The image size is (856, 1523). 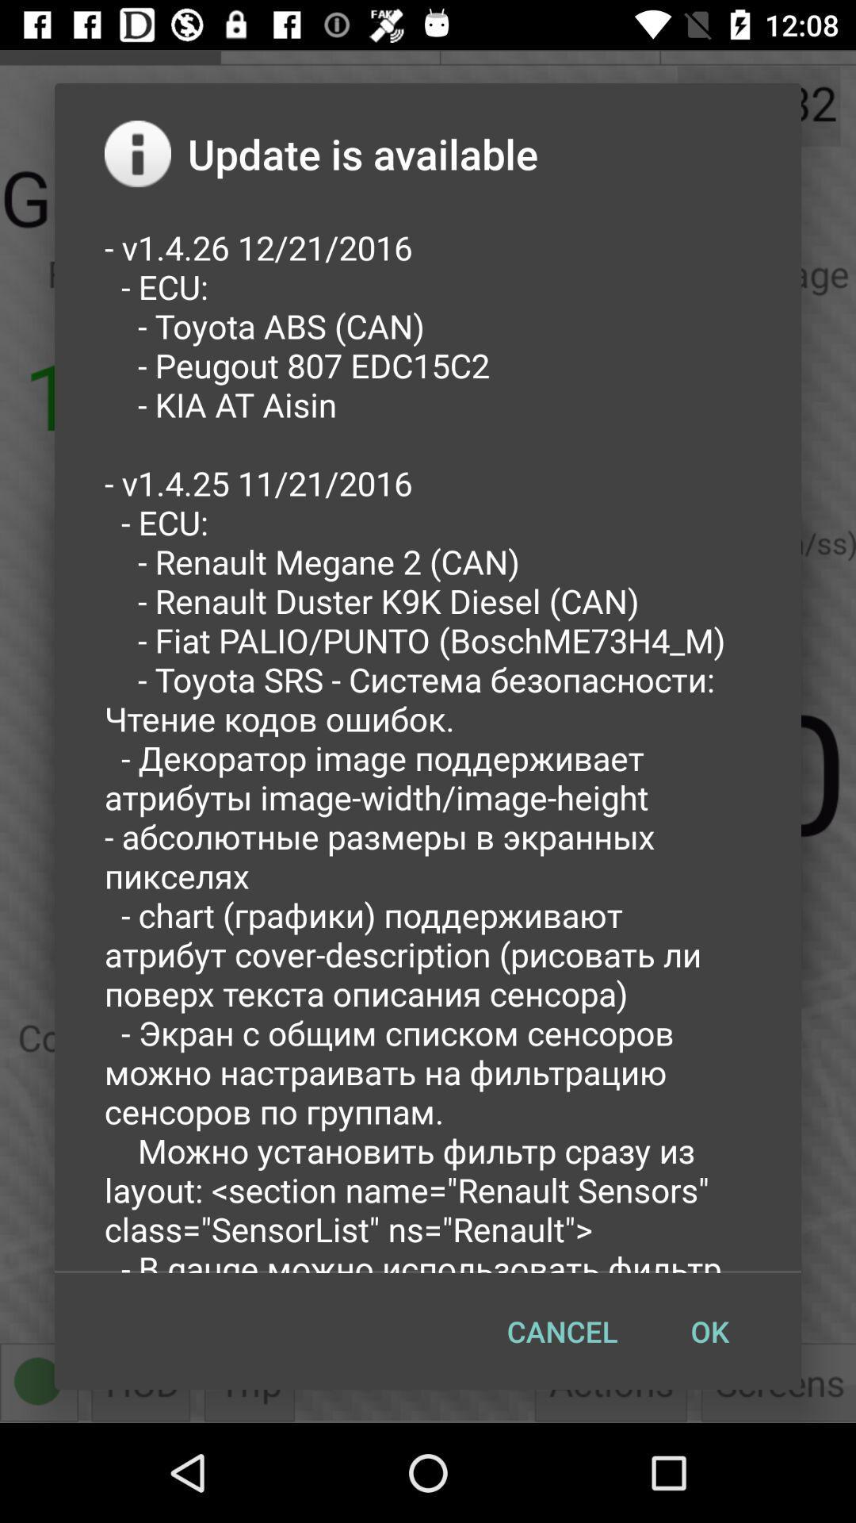 What do you see at coordinates (709, 1331) in the screenshot?
I see `the button to the right of the cancel item` at bounding box center [709, 1331].